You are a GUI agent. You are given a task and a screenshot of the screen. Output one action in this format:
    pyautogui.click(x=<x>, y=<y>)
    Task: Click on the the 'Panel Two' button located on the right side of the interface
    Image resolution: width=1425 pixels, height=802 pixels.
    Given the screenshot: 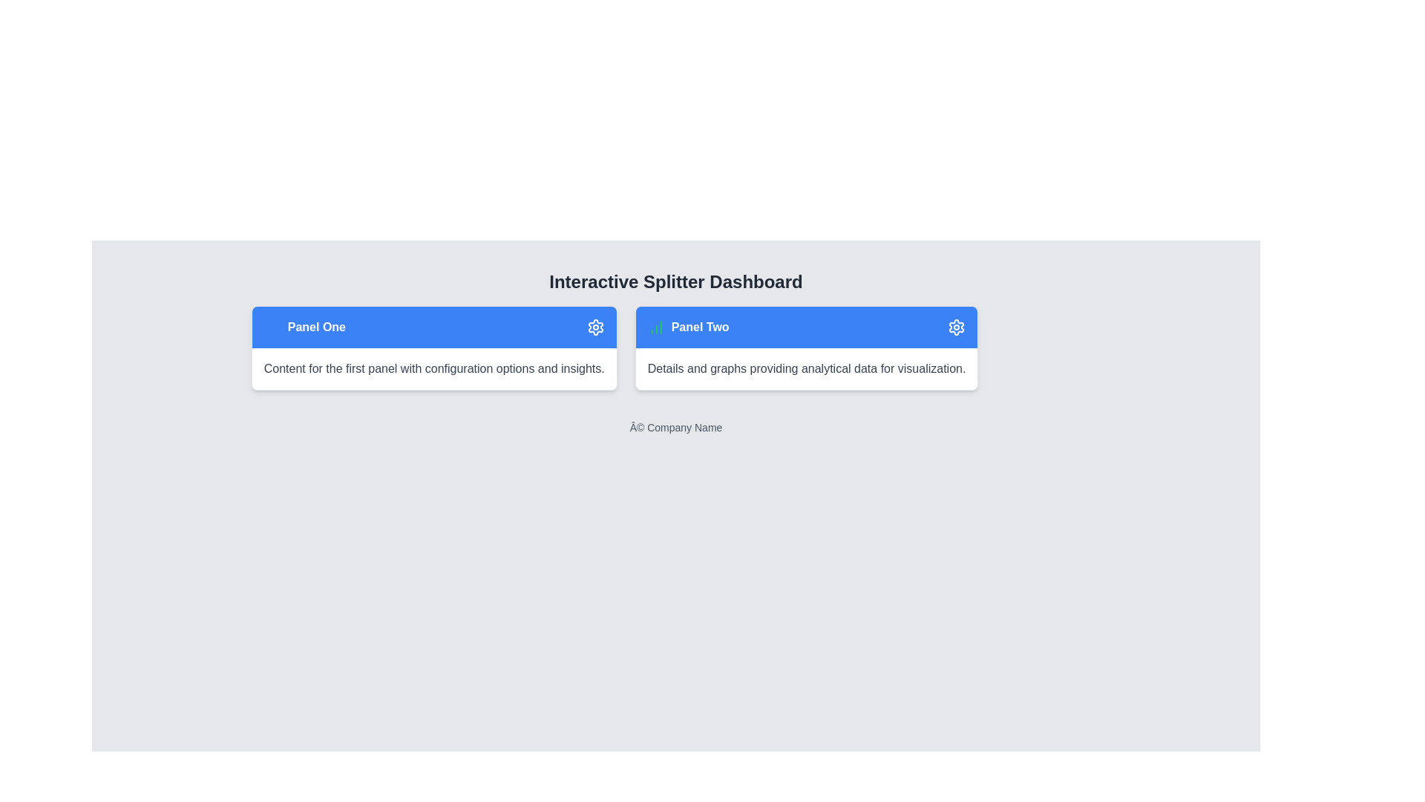 What is the action you would take?
    pyautogui.click(x=806, y=326)
    